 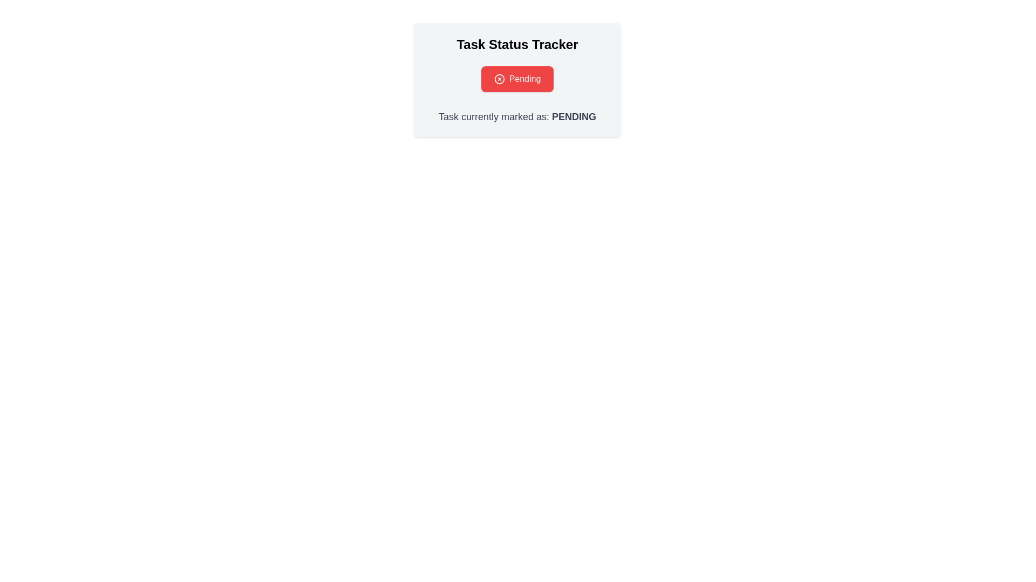 What do you see at coordinates (517, 78) in the screenshot?
I see `the 'Pending' text label that indicates the status of a process, which is centrally aligned with a circular 'X' icon` at bounding box center [517, 78].